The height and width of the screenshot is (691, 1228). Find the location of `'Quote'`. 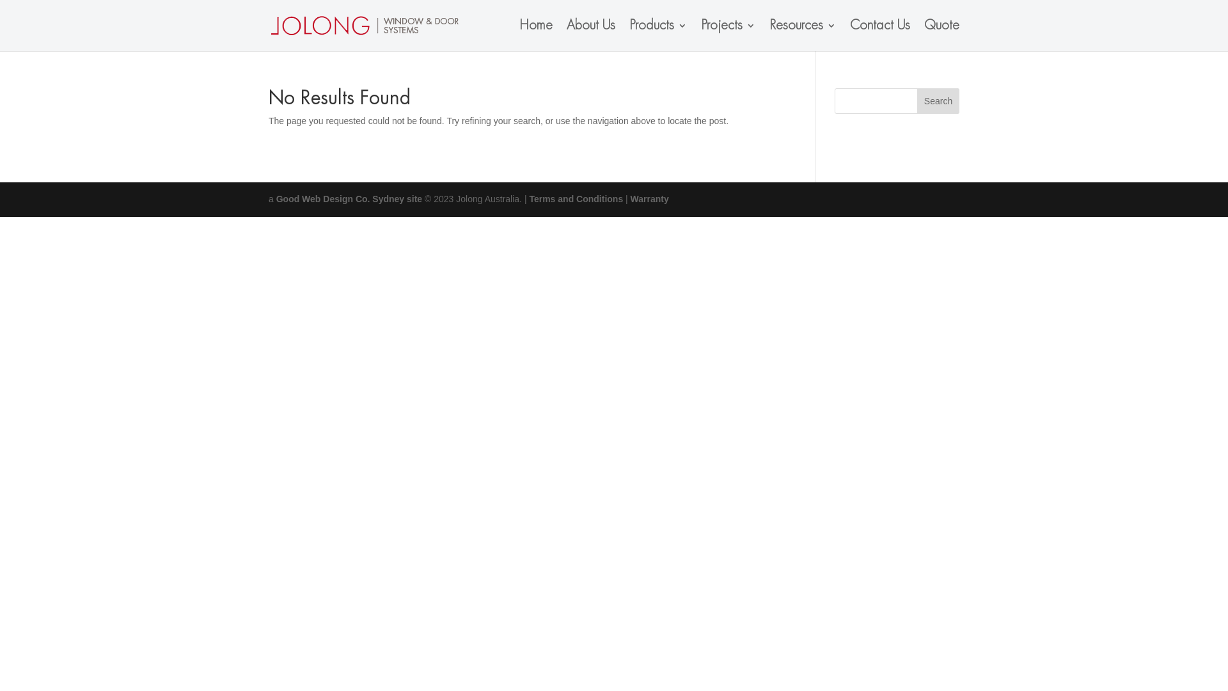

'Quote' is located at coordinates (941, 35).